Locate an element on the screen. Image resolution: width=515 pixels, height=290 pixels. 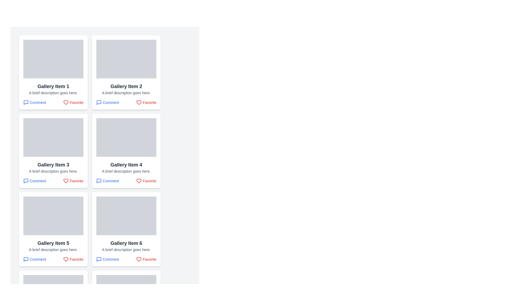
the comment icon located in the second column of the second row in the grid layout, which represents the comment feature for the item in the gallery is located at coordinates (99, 181).